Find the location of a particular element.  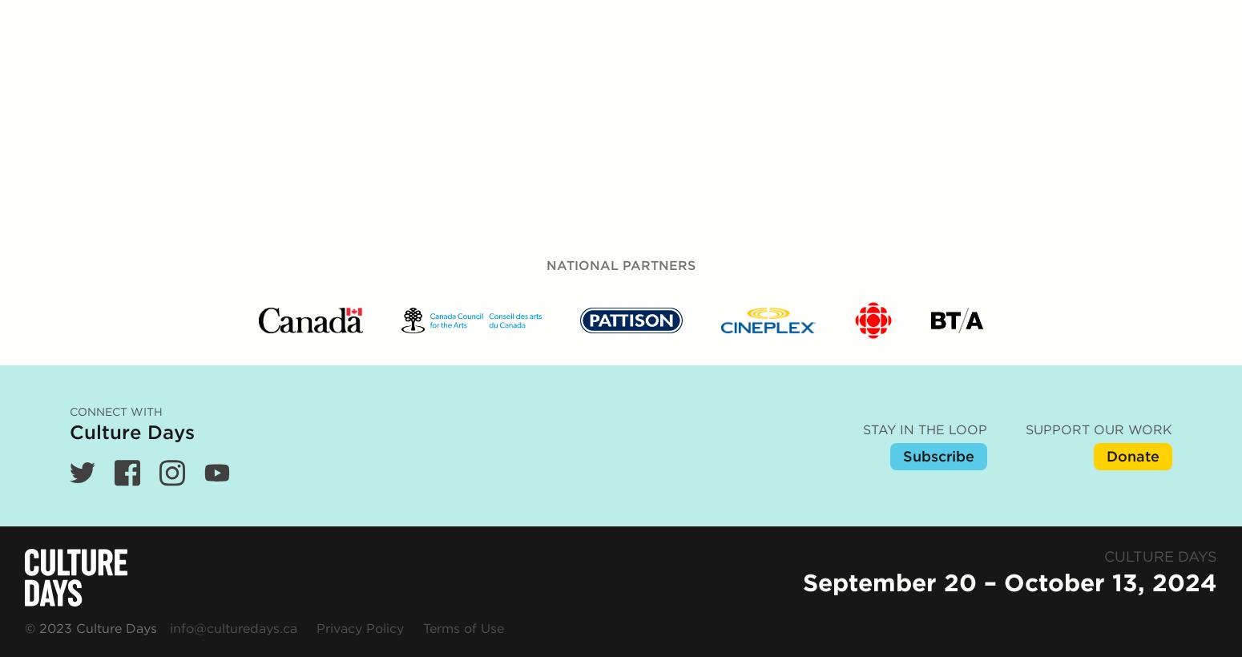

'September 20 – October 13, 2024' is located at coordinates (1009, 238).